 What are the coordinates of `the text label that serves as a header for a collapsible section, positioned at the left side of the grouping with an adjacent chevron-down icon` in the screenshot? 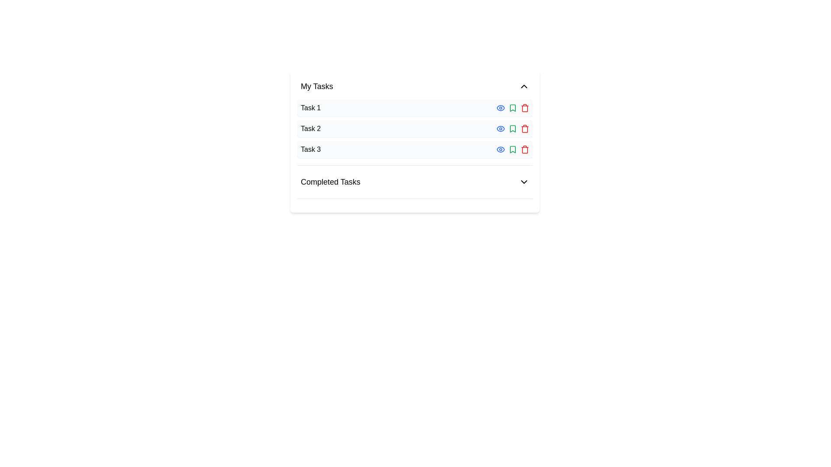 It's located at (330, 181).